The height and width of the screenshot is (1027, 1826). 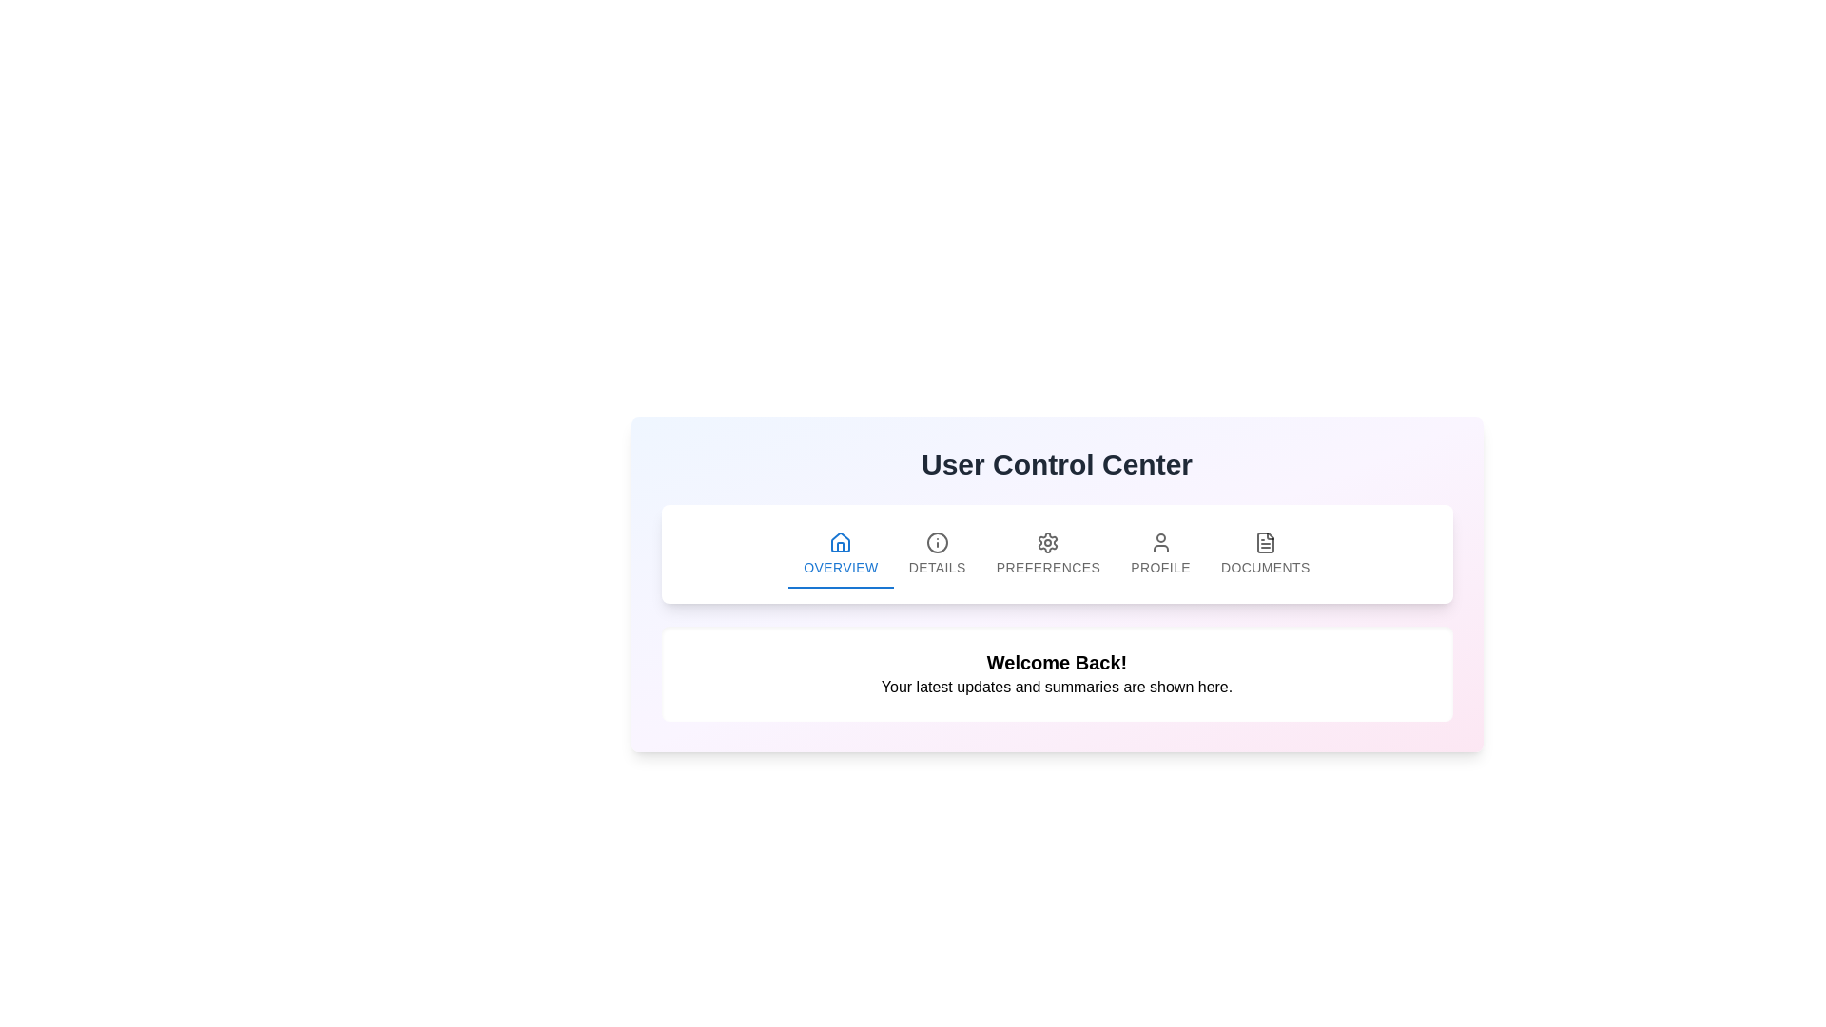 I want to click on the welcoming heading text element located in the center of the 'User Control Center' section, which conveys a return message to the user, so click(x=1056, y=662).